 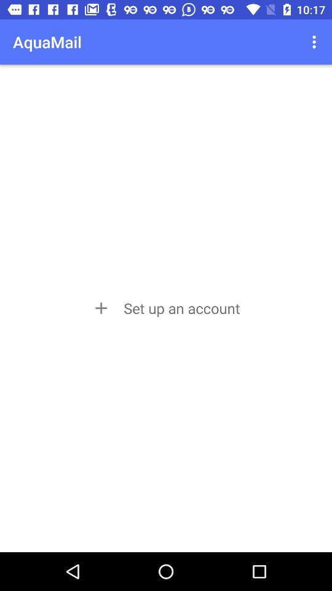 What do you see at coordinates (165, 307) in the screenshot?
I see `set up an item` at bounding box center [165, 307].